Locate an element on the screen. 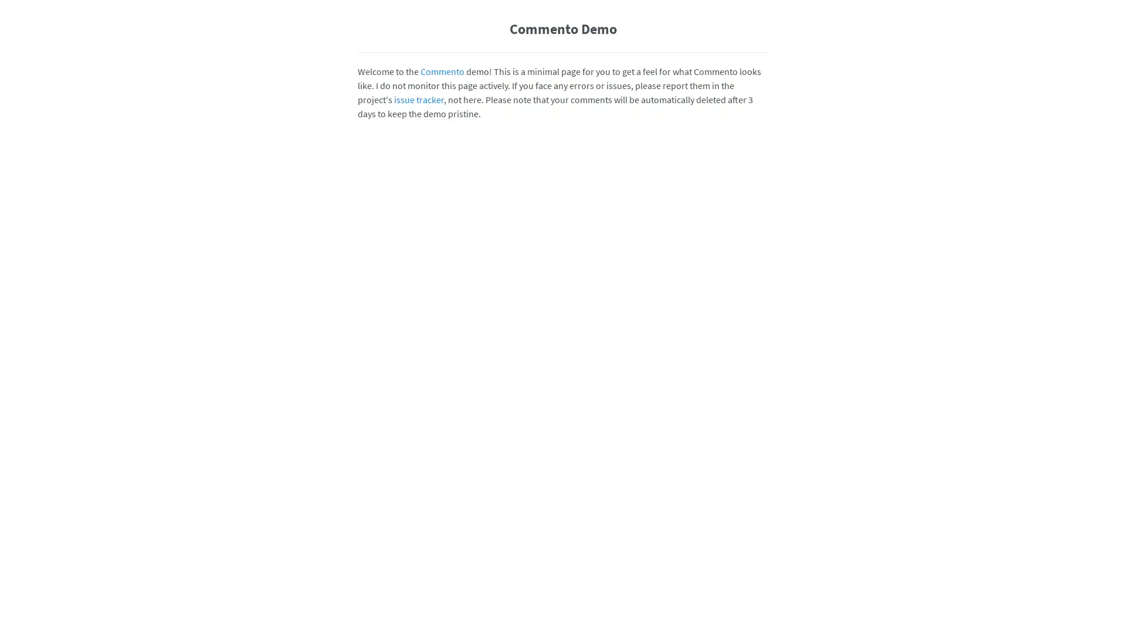  Reply is located at coordinates (704, 424).